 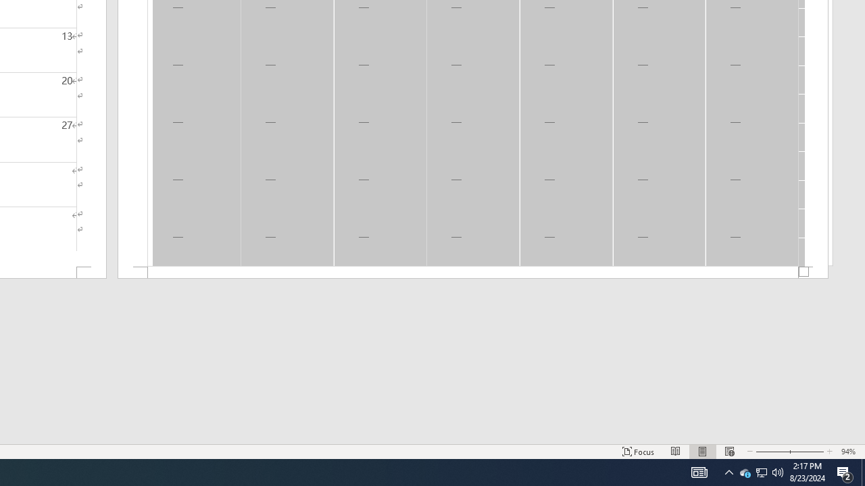 I want to click on 'Read Mode', so click(x=676, y=452).